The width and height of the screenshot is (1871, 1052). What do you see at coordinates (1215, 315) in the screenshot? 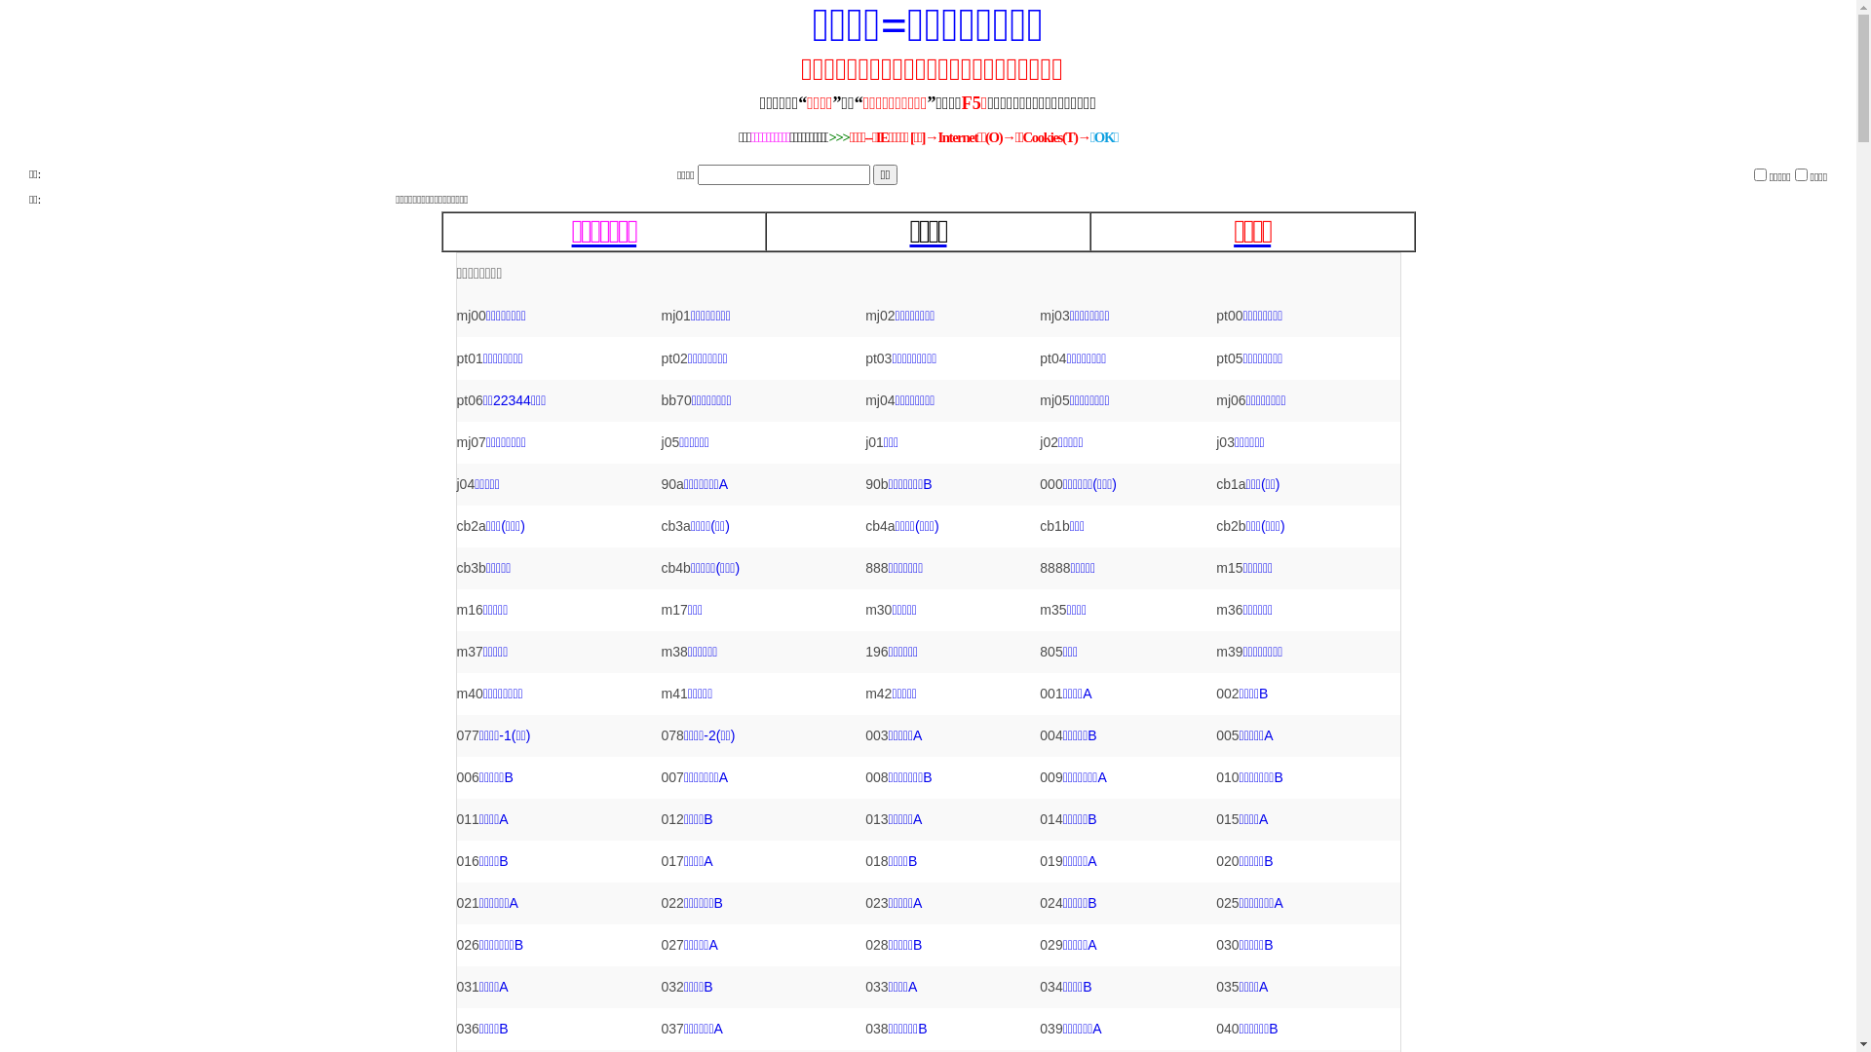
I see `'pt00'` at bounding box center [1215, 315].